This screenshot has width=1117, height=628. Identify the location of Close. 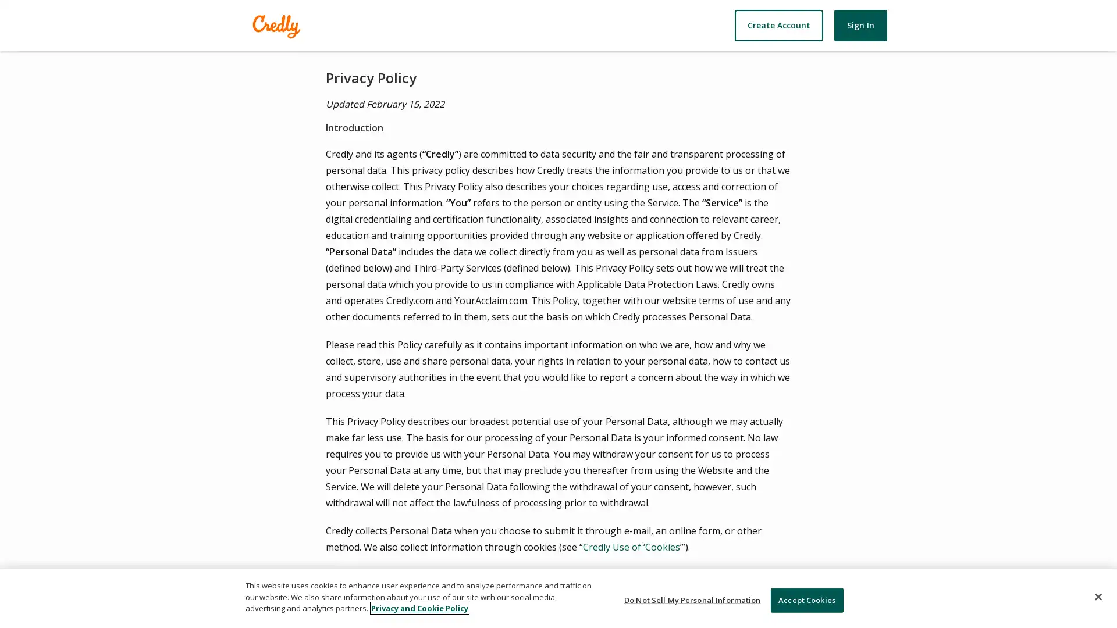
(1097, 597).